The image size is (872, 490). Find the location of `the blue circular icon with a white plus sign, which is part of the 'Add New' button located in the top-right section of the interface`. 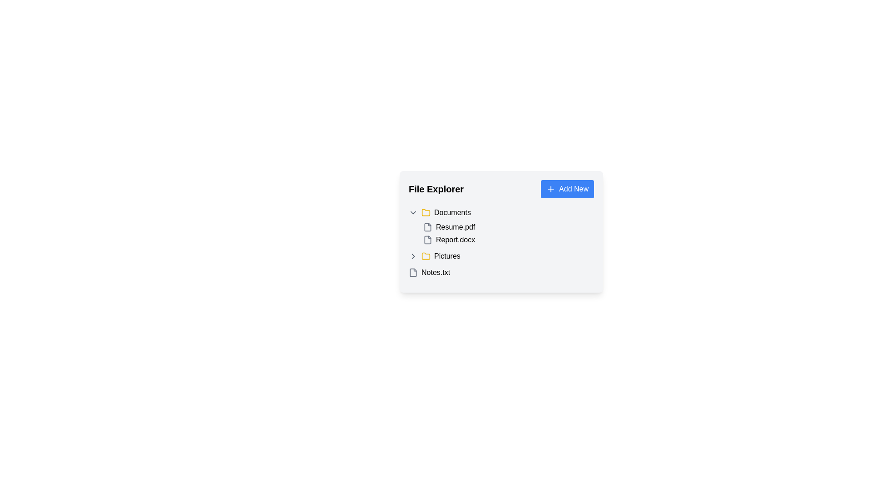

the blue circular icon with a white plus sign, which is part of the 'Add New' button located in the top-right section of the interface is located at coordinates (550, 188).